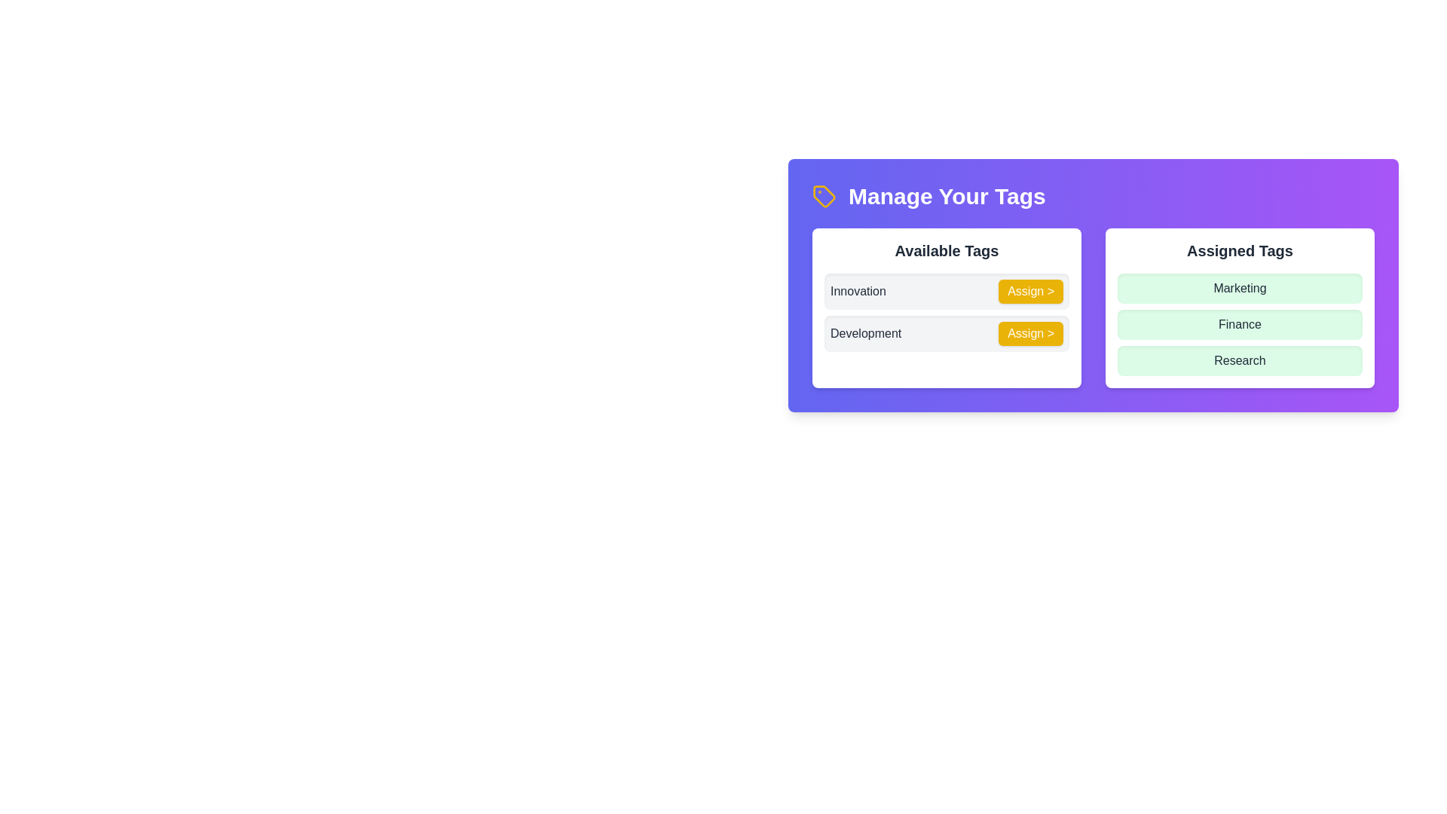  Describe the element at coordinates (824, 196) in the screenshot. I see `the decorative icon located to the left of the heading text 'Manage Your Tags', which serves as a visual marker for tagging functionality` at that location.